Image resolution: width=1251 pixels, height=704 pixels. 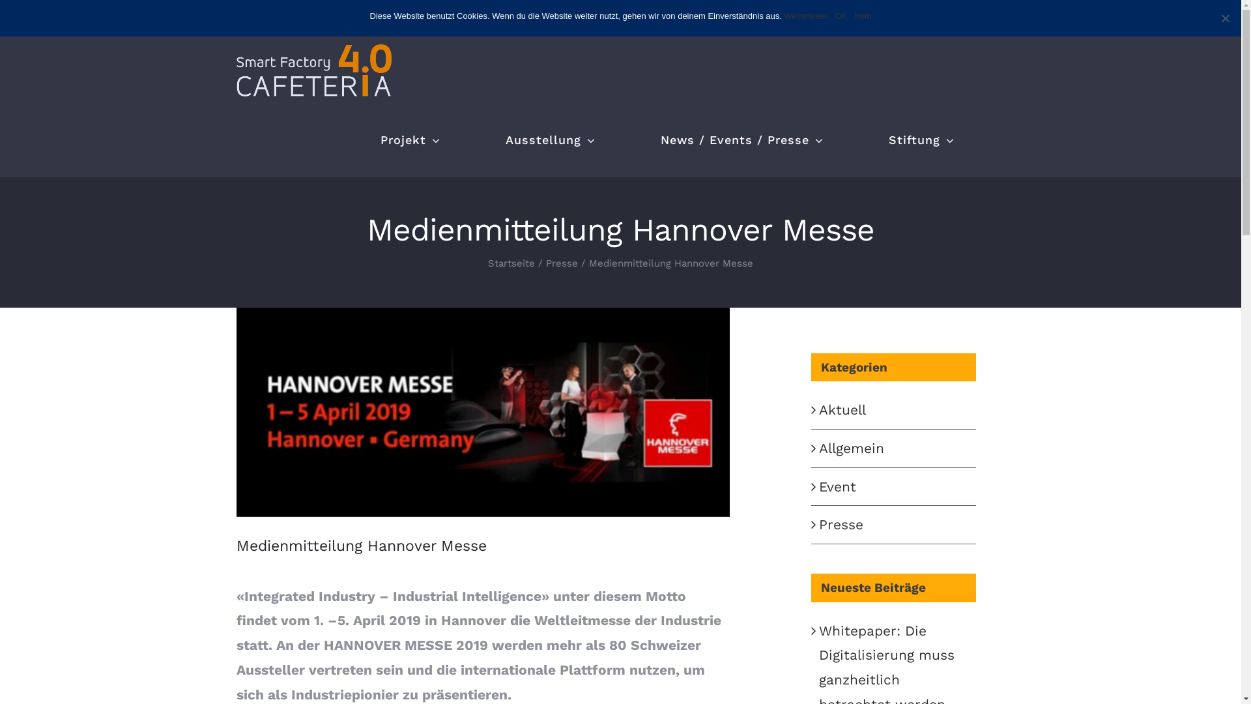 I want to click on 'Projekt', so click(x=409, y=140).